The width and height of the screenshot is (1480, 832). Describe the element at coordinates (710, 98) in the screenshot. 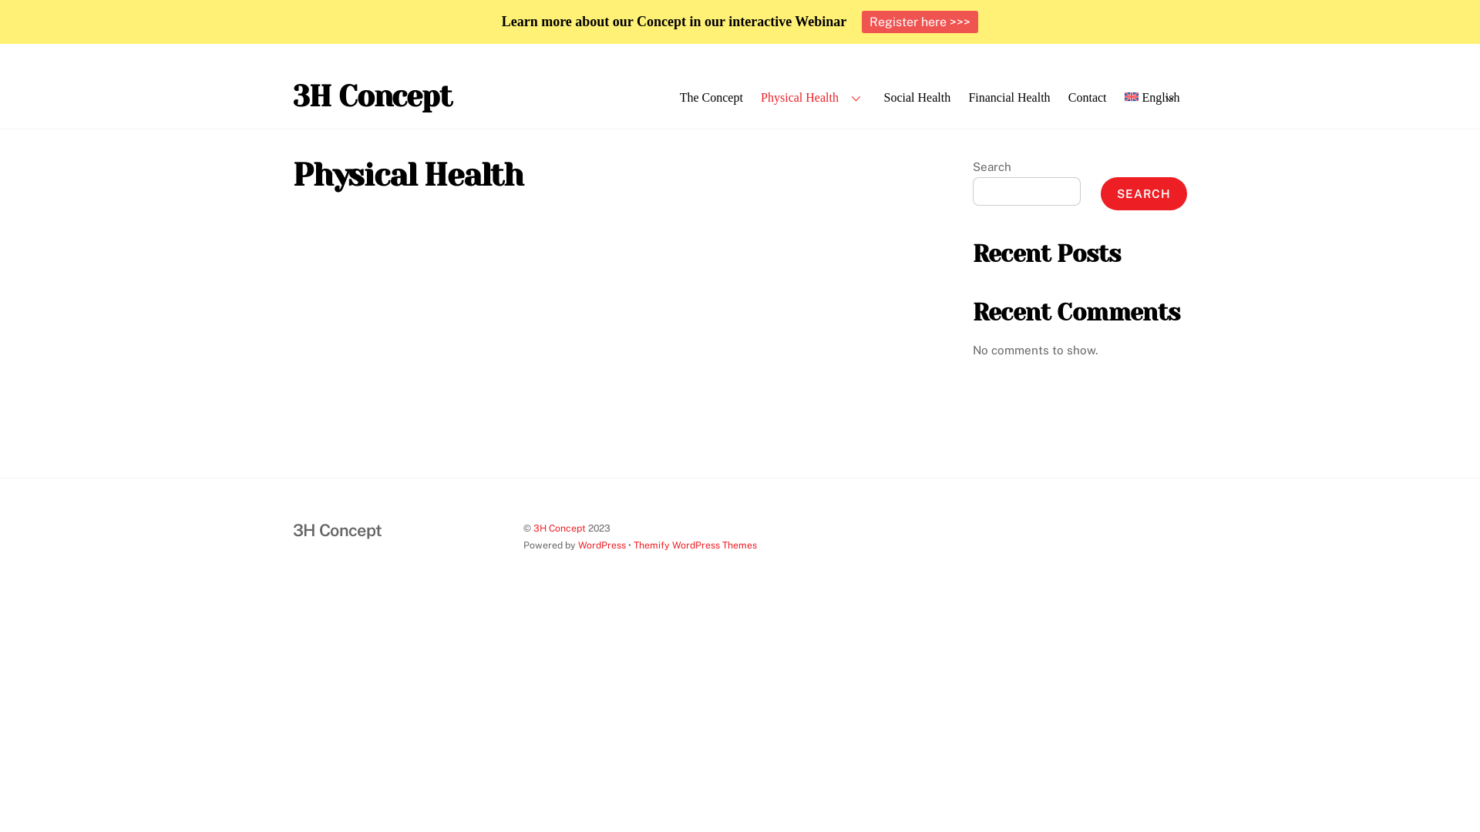

I see `'The Concept'` at that location.